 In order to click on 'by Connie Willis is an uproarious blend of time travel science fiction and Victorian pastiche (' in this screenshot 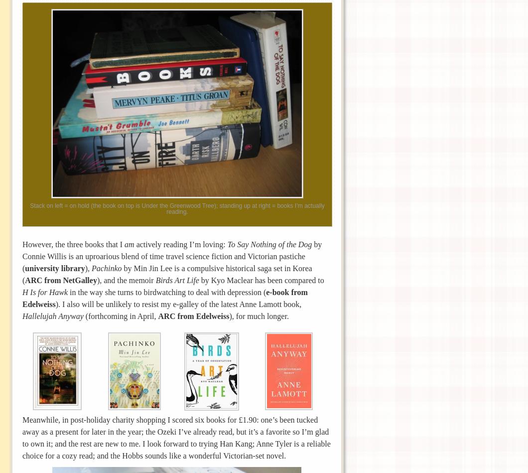, I will do `click(22, 255)`.